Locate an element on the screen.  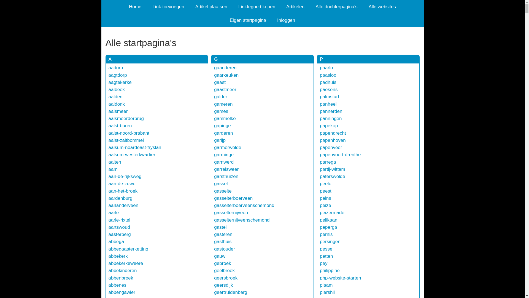
'garsthuizen' is located at coordinates (226, 176).